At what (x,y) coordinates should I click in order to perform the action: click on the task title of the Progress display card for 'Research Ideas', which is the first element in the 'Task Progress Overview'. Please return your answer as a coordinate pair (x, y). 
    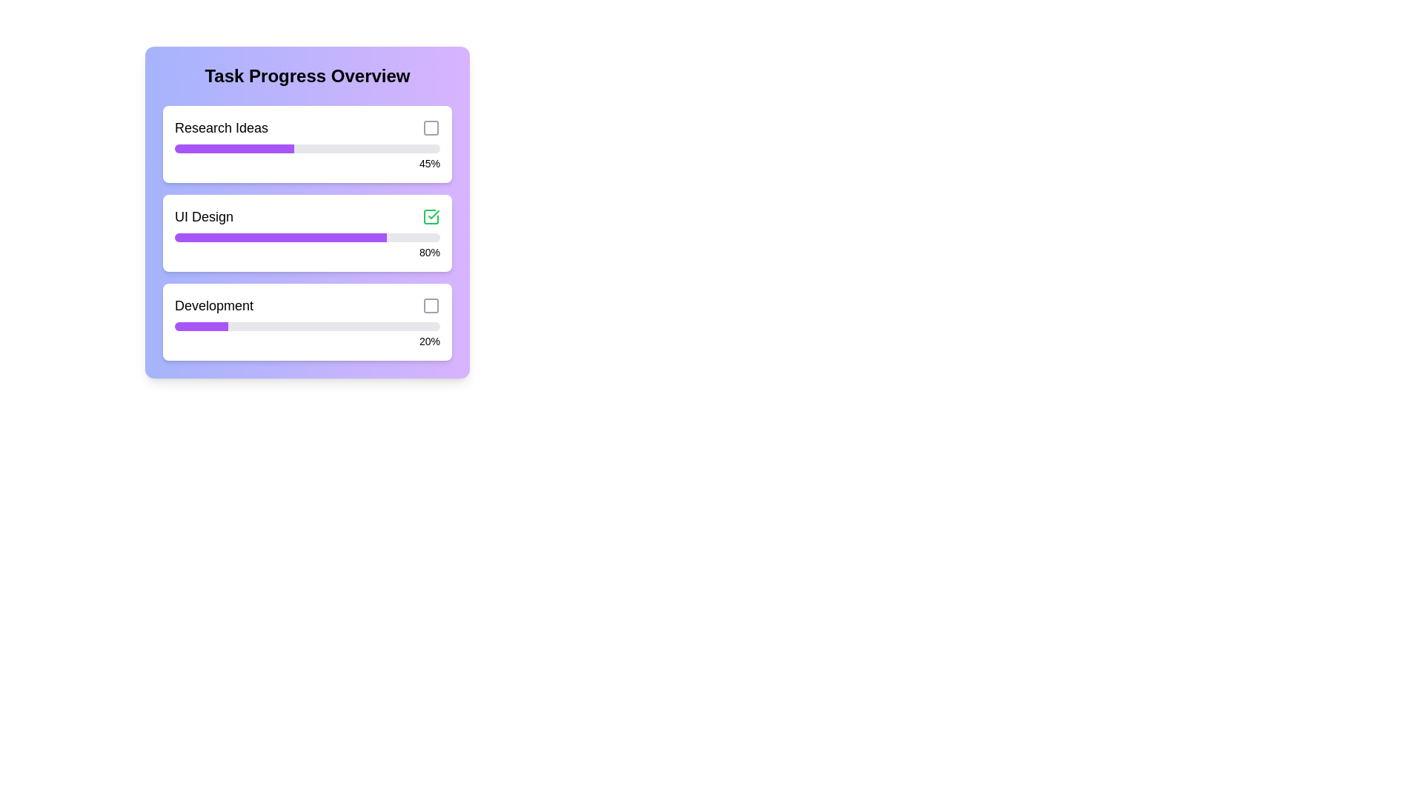
    Looking at the image, I should click on (306, 144).